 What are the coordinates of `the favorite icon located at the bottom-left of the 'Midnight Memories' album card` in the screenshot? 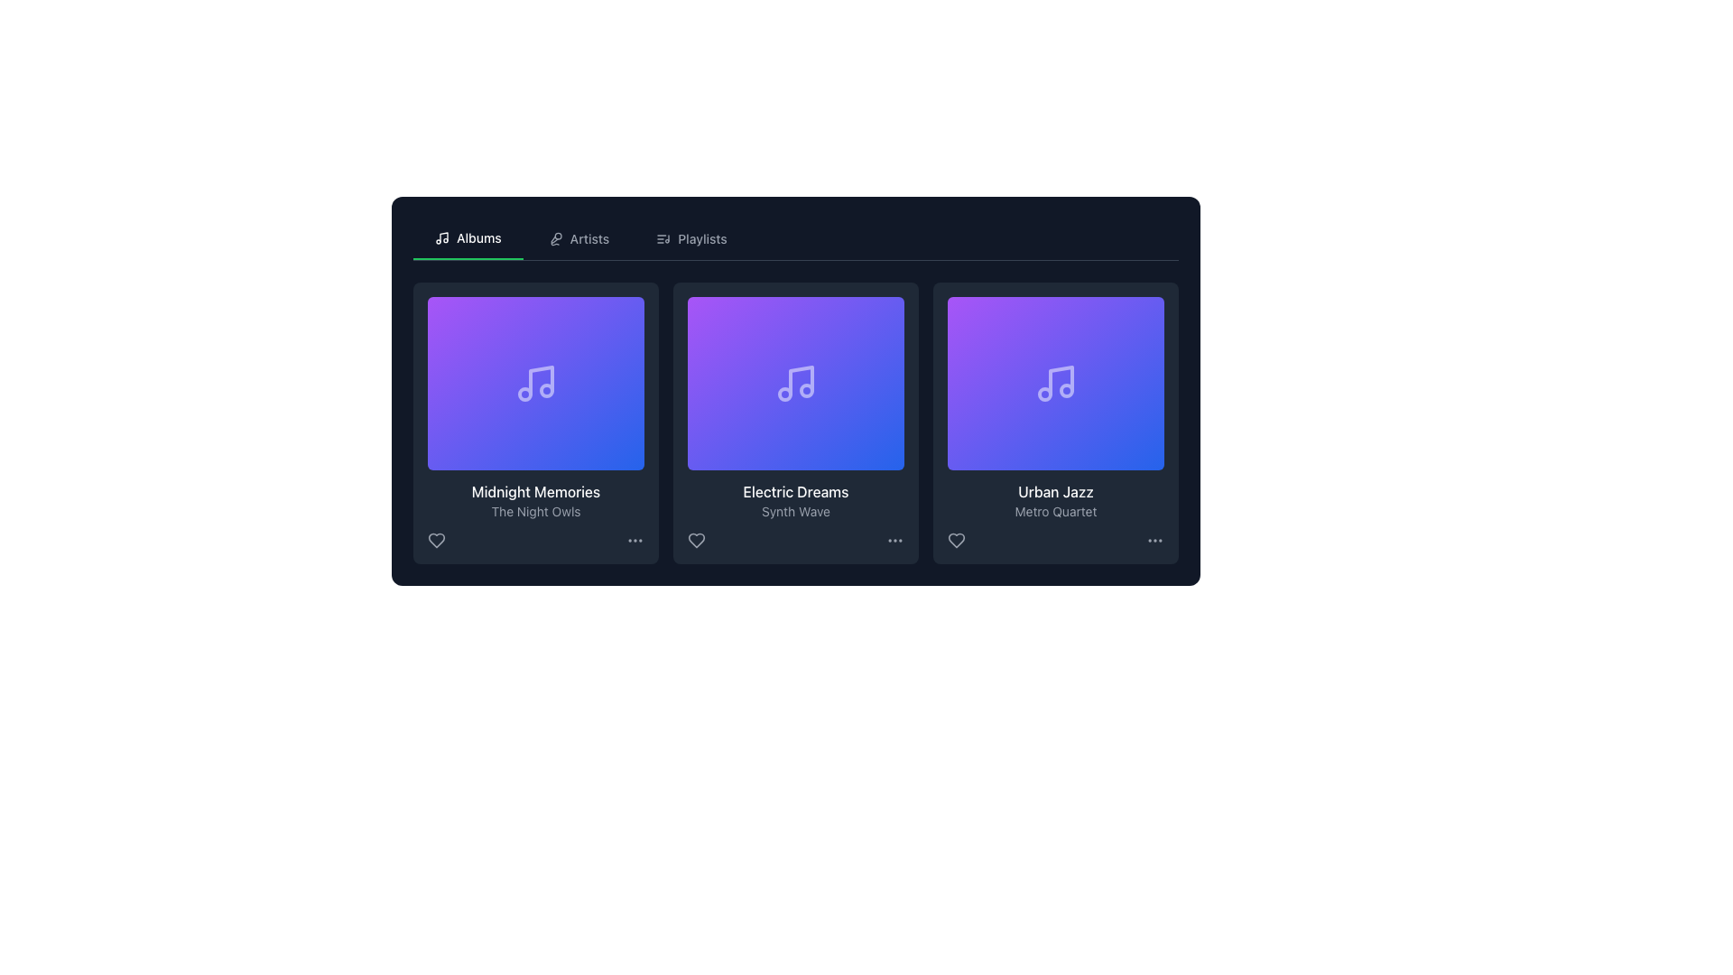 It's located at (437, 539).